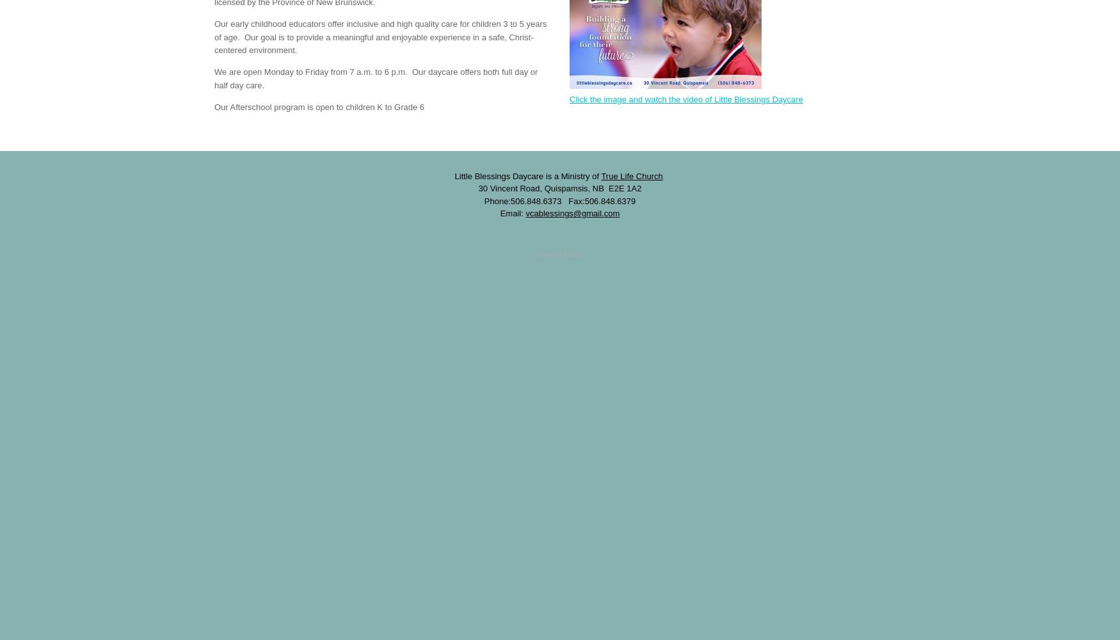 Image resolution: width=1120 pixels, height=640 pixels. Describe the element at coordinates (631, 175) in the screenshot. I see `'True Life Church'` at that location.